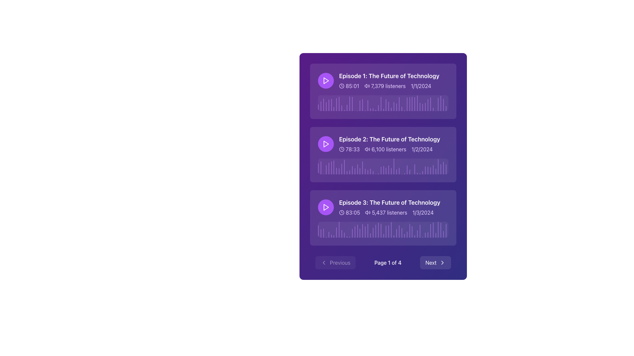 The image size is (634, 356). What do you see at coordinates (422, 149) in the screenshot?
I see `date displayed in the text label showing '1/2/2024', which is styled in white font on a purple background at the bottom-right corner of the second card in a list` at bounding box center [422, 149].